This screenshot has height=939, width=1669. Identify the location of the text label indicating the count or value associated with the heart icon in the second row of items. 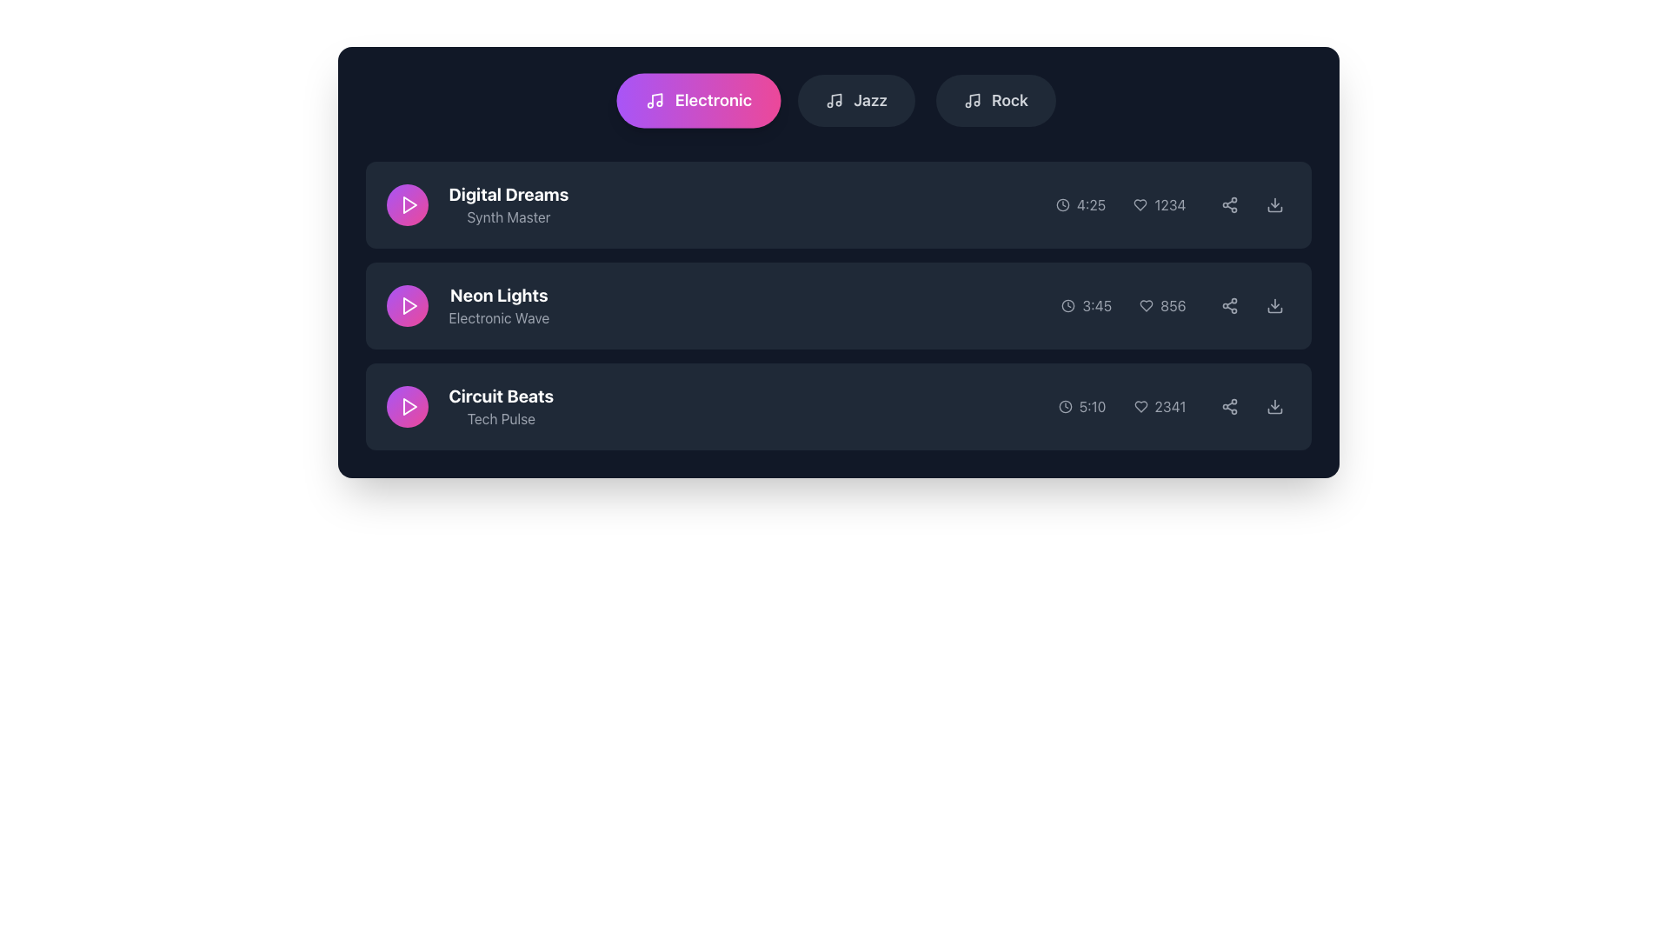
(1173, 304).